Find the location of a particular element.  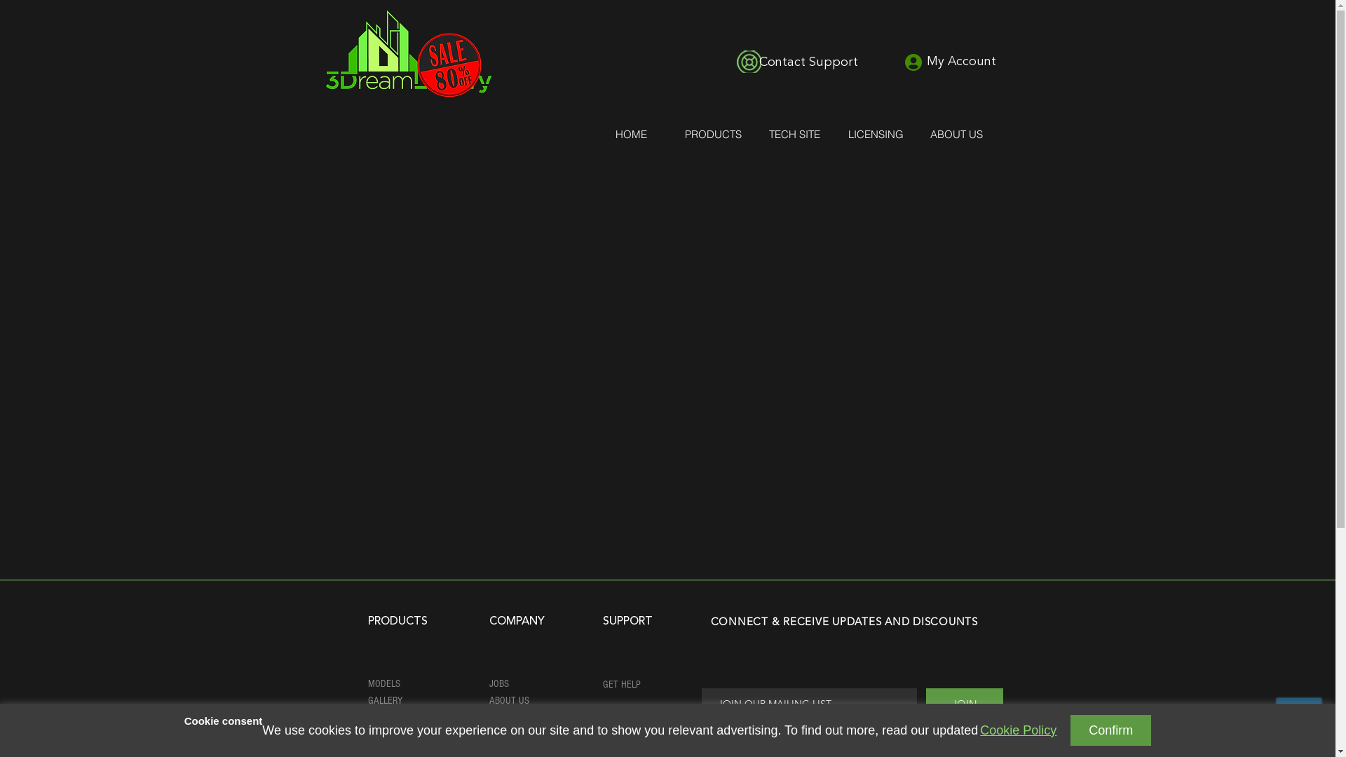

'GET HELP' is located at coordinates (621, 683).